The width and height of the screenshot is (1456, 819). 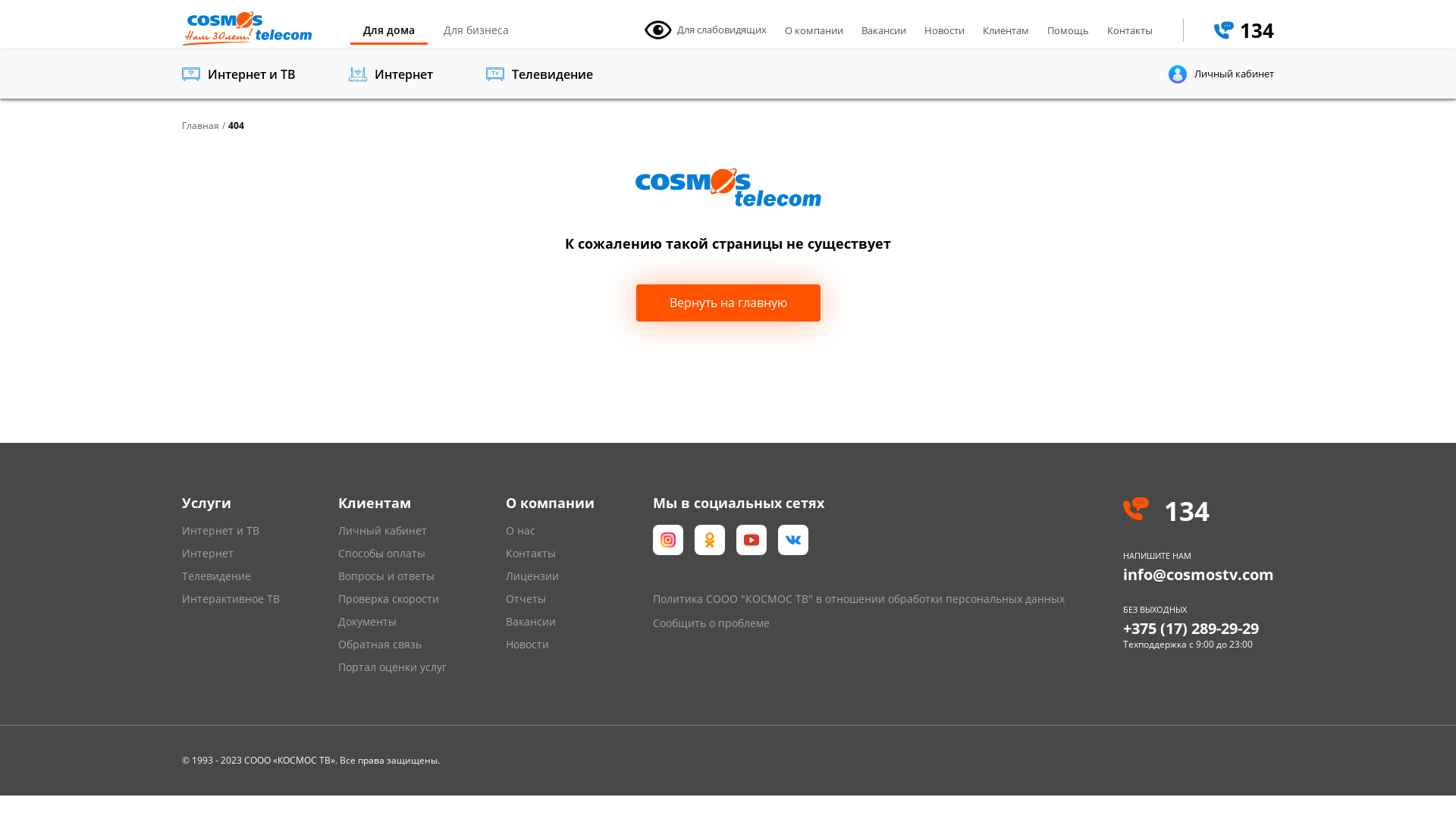 What do you see at coordinates (1197, 511) in the screenshot?
I see `'134'` at bounding box center [1197, 511].